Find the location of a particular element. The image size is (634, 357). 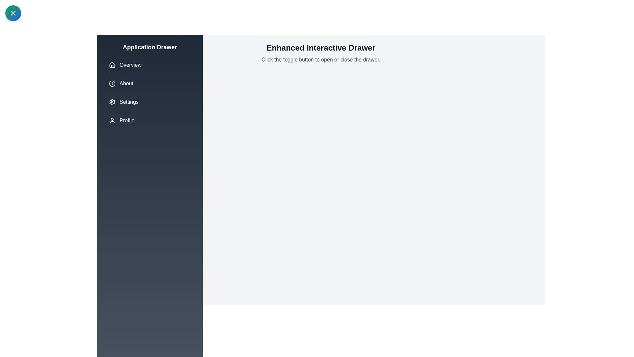

the icon associated with the menu item About is located at coordinates (112, 83).